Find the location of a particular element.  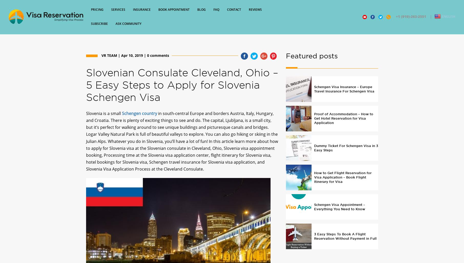

'Schengen Visa Appointment – Everything You Need to Know' is located at coordinates (339, 211).